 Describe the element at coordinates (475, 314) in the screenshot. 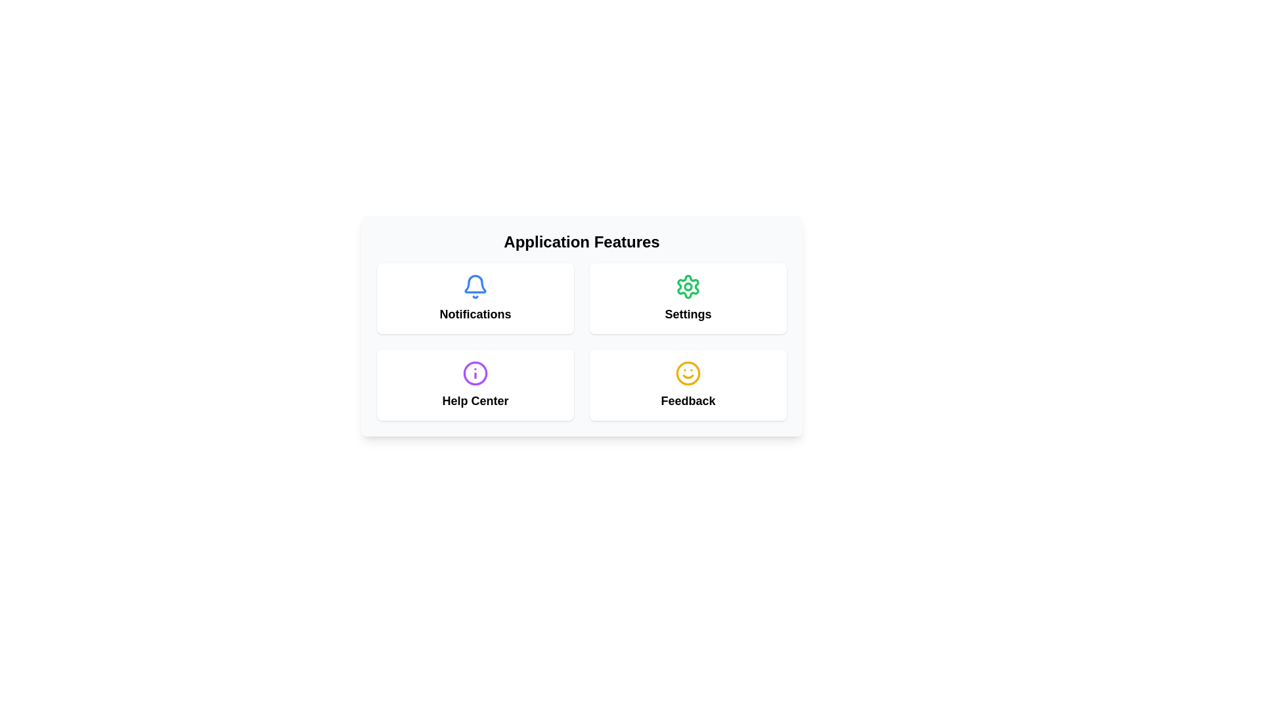

I see `the 'Notifications' text label located below the blue bell icon in the top-left quadrant of the grid layout` at that location.